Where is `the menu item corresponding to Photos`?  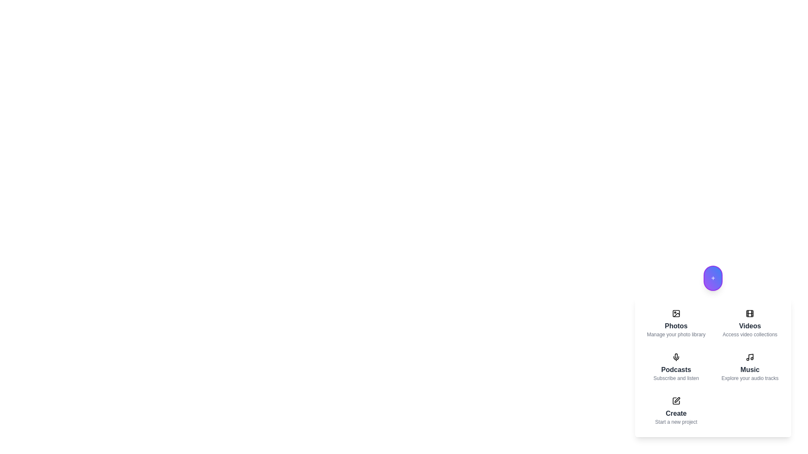 the menu item corresponding to Photos is located at coordinates (676, 323).